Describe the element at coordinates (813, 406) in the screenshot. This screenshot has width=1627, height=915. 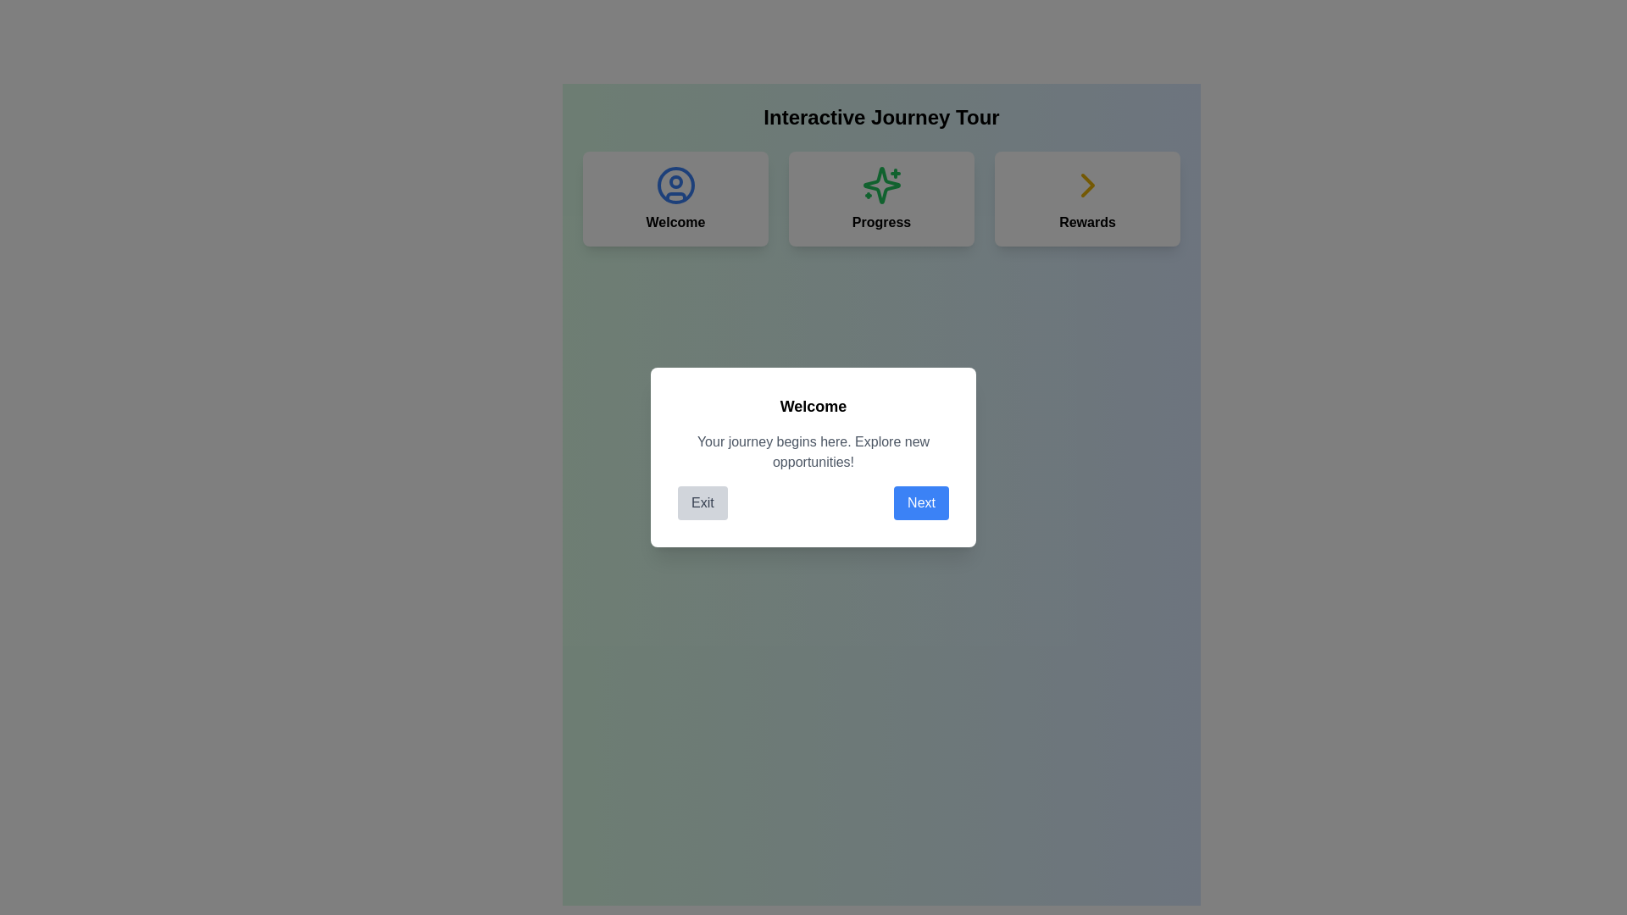
I see `the bold-text heading 'Welcome' at the top of the card, which is styled in black font and positioned centrally in a dialog box` at that location.